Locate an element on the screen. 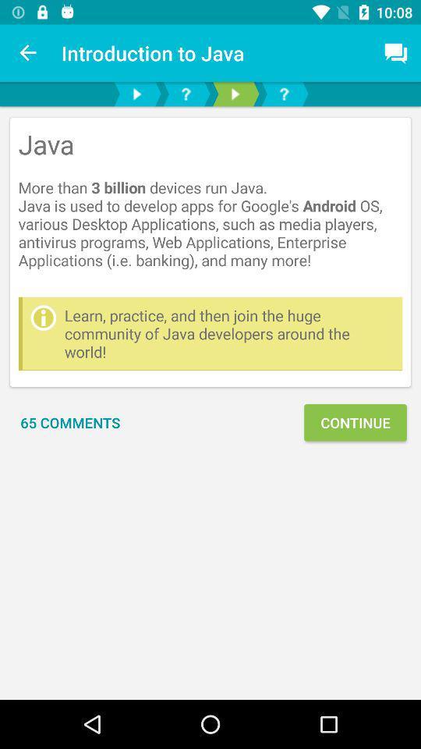 Image resolution: width=421 pixels, height=749 pixels. the learn practice and icon is located at coordinates (228, 333).